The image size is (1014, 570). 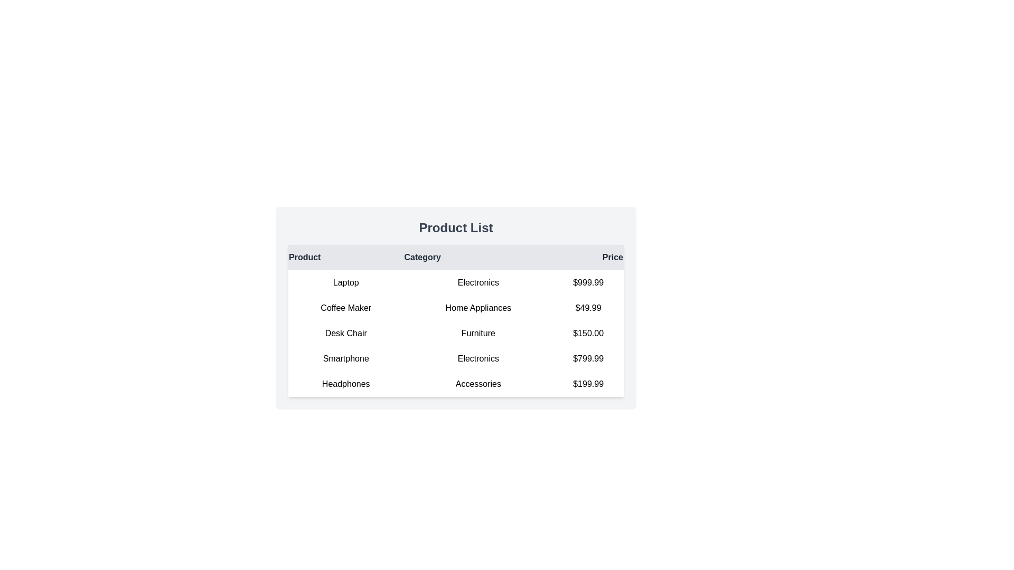 I want to click on the static price value text for the product 'Laptop', which is located in the third column of the table row, aligned with the 'Laptop' and 'Electronics' cells, so click(x=588, y=282).